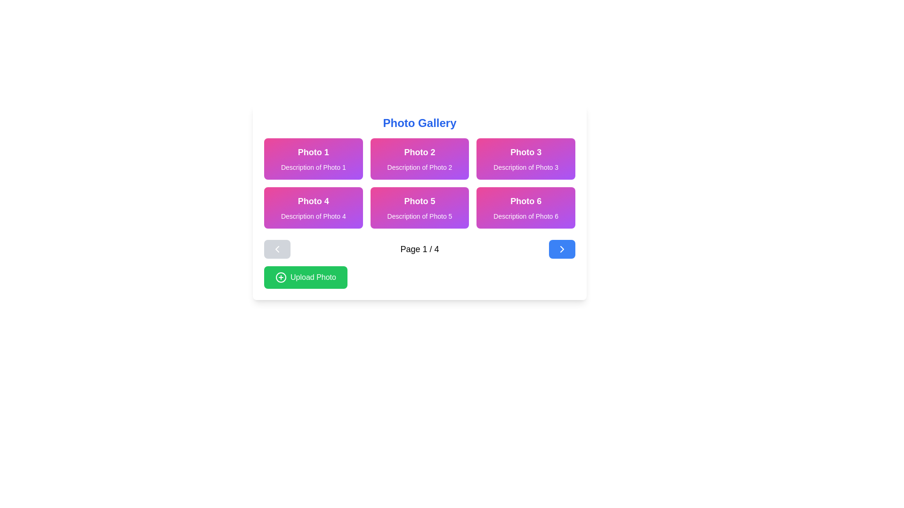 Image resolution: width=904 pixels, height=508 pixels. Describe the element at coordinates (280, 277) in the screenshot. I see `the circular upload icon located on the left side of the text label within the 'Upload Photo' button at the bottom-left corner of the interface to initiate the upload action` at that location.